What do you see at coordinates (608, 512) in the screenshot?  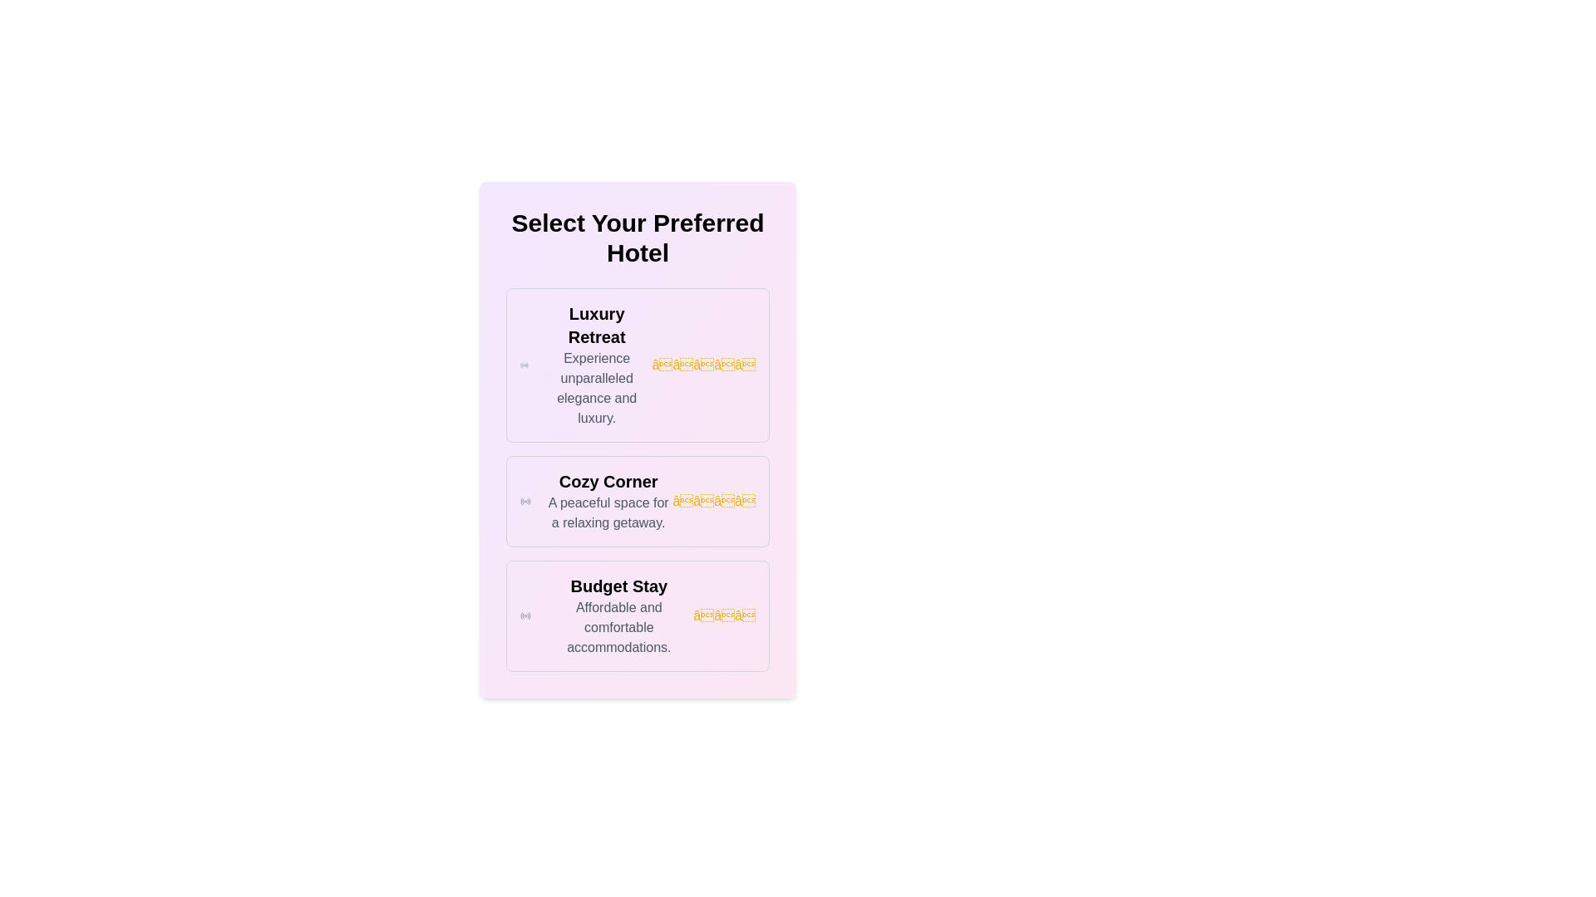 I see `the text block that reads 'A peaceful space for a relaxing getaway.' which is located beneath the title 'Cozy Corner' in a vertical list of hotel options` at bounding box center [608, 512].